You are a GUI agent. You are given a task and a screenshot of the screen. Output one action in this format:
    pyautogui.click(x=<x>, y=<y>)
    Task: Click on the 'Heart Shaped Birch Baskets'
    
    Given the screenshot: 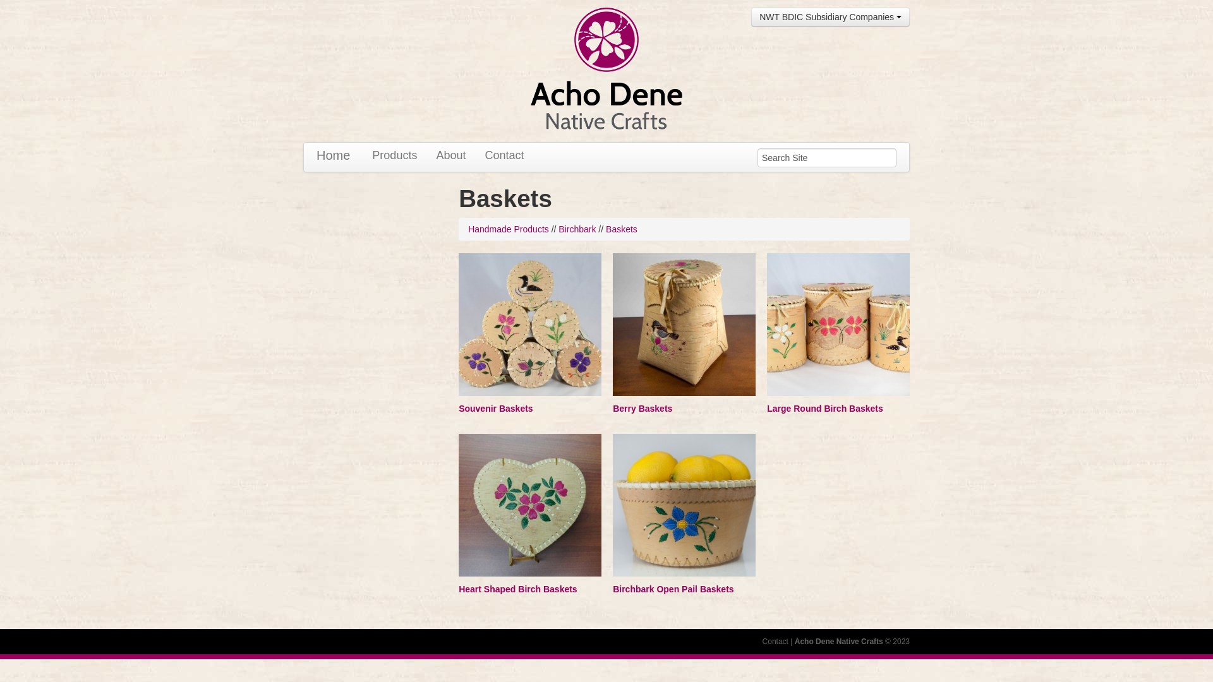 What is the action you would take?
    pyautogui.click(x=518, y=589)
    